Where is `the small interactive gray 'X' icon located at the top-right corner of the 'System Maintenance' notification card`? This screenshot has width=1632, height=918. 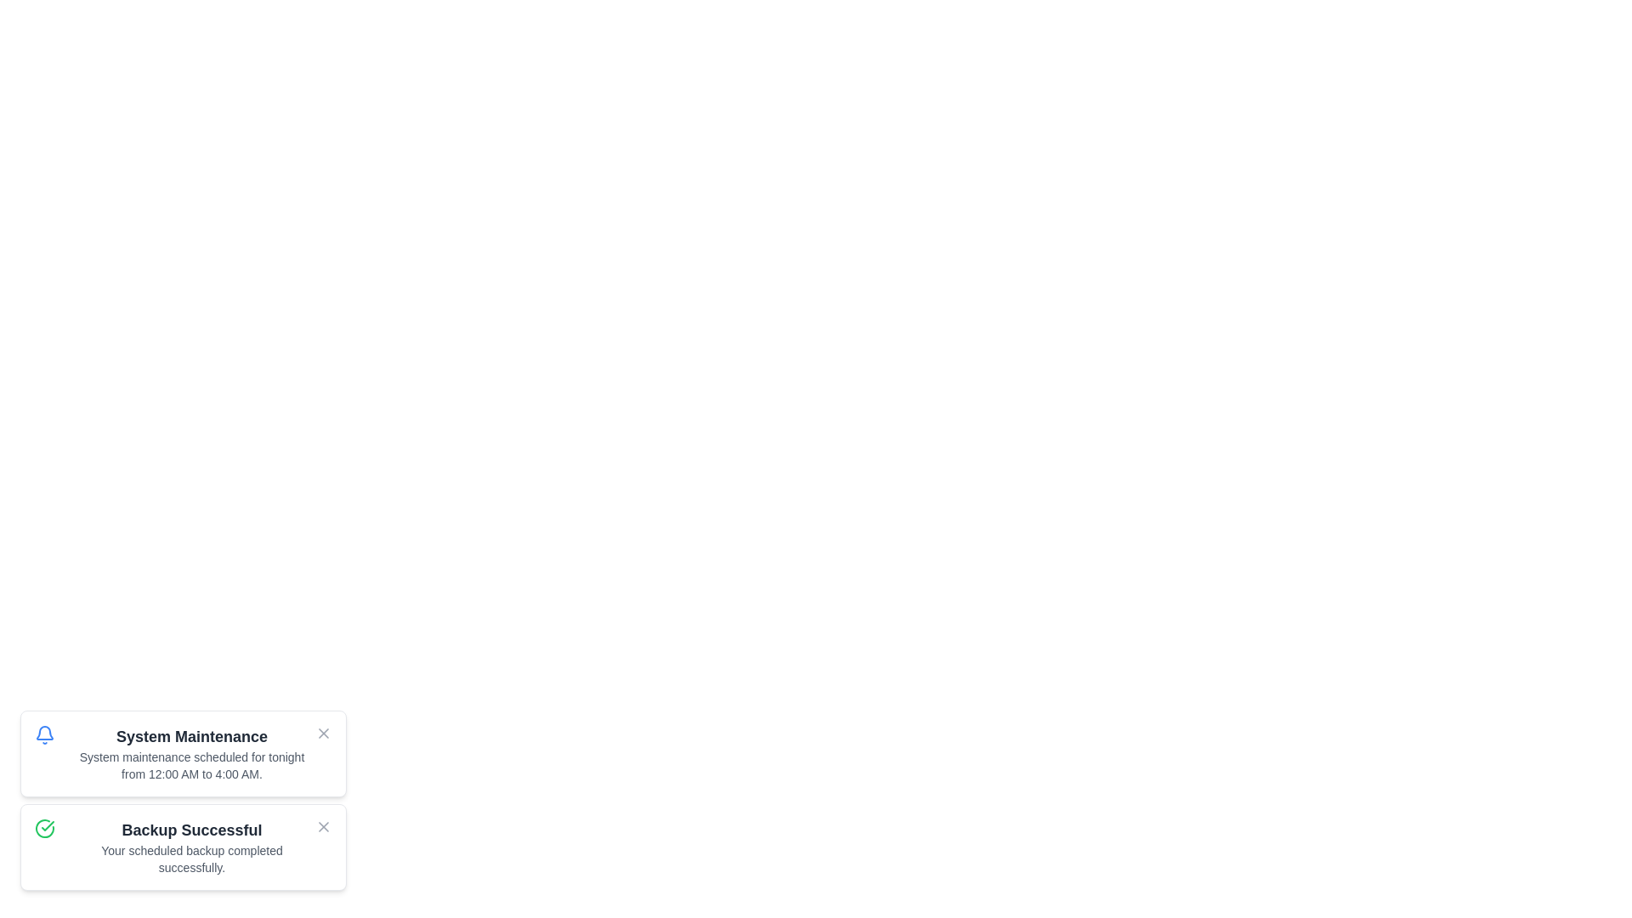 the small interactive gray 'X' icon located at the top-right corner of the 'System Maintenance' notification card is located at coordinates (323, 733).